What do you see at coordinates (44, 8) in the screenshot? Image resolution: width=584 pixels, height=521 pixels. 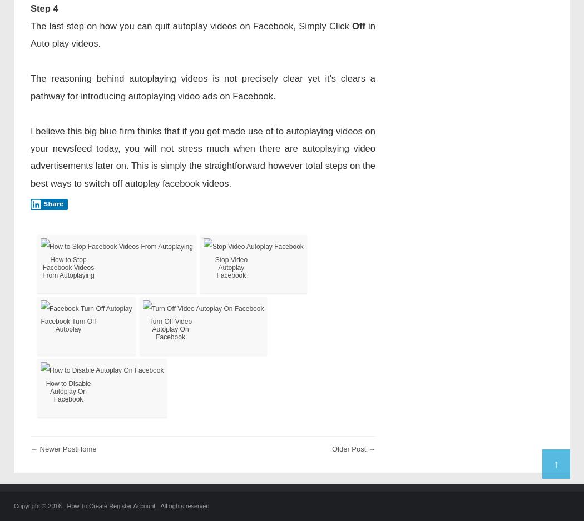 I see `'Step 4'` at bounding box center [44, 8].